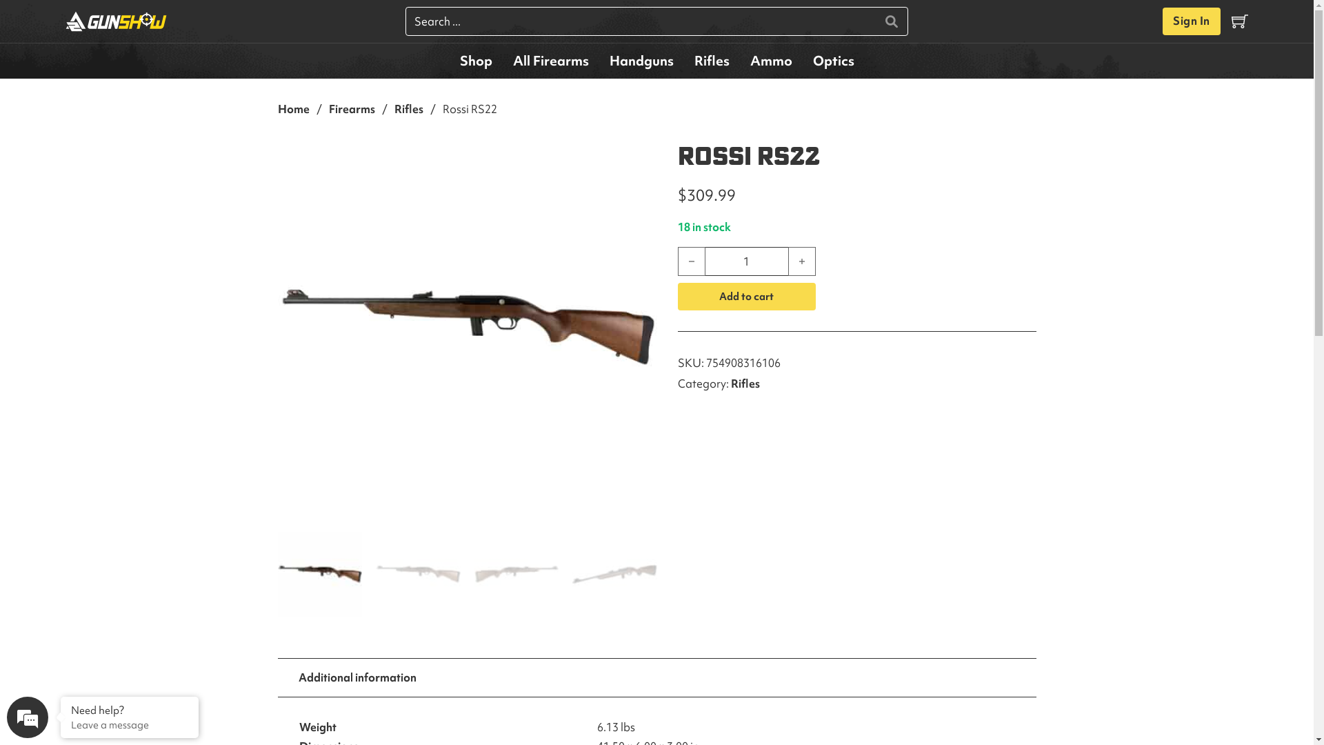 This screenshot has height=745, width=1324. What do you see at coordinates (327, 108) in the screenshot?
I see `'Firearms'` at bounding box center [327, 108].